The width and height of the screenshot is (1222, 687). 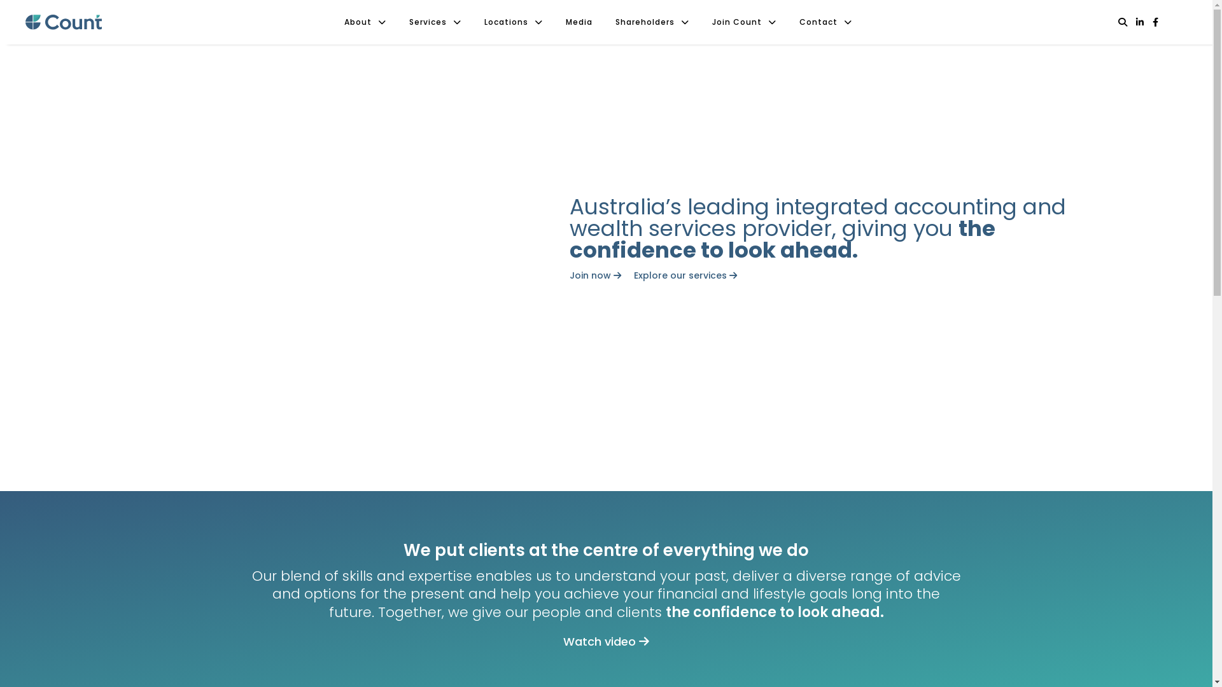 What do you see at coordinates (435, 22) in the screenshot?
I see `'Services'` at bounding box center [435, 22].